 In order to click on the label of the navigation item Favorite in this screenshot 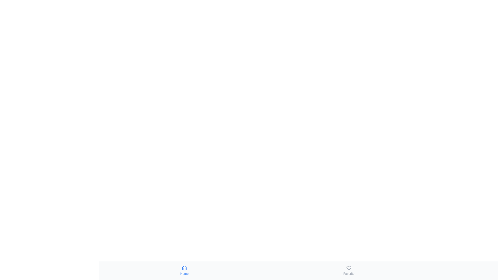, I will do `click(349, 274)`.